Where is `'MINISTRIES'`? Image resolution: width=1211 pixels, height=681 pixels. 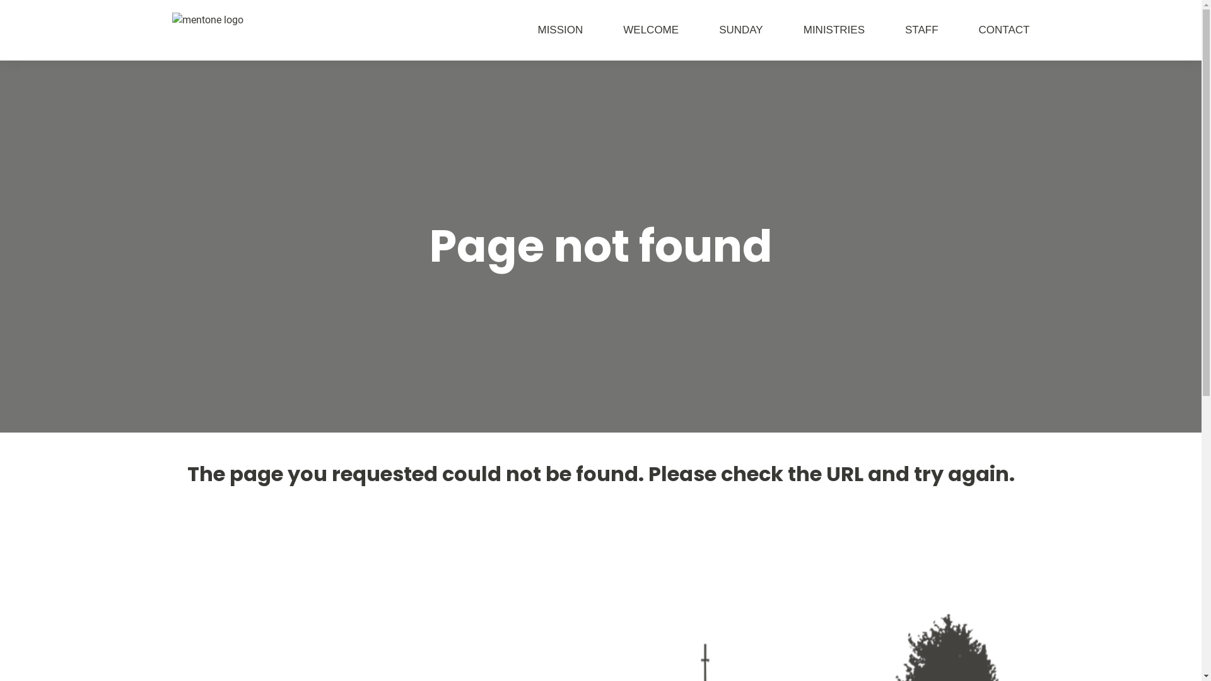
'MINISTRIES' is located at coordinates (814, 29).